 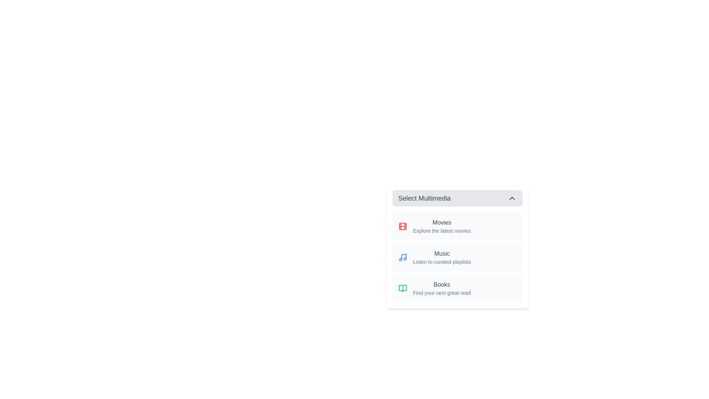 What do you see at coordinates (442, 253) in the screenshot?
I see `the 'Music' text label, which is styled in dark gray and positioned above the subtitle 'Listen to curated playlists' in the 'Select Multimedia' list` at bounding box center [442, 253].